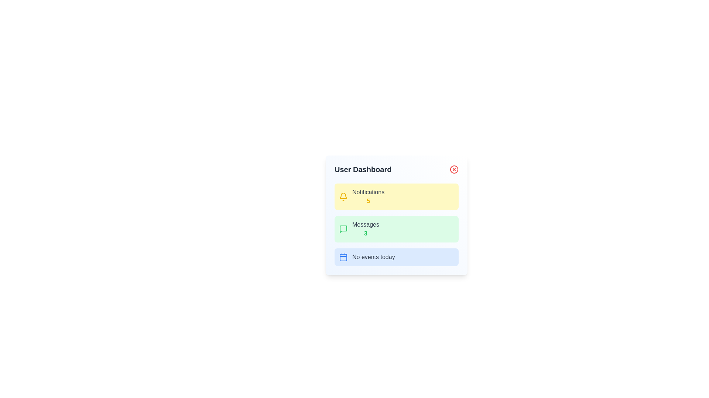 This screenshot has width=709, height=398. Describe the element at coordinates (343, 257) in the screenshot. I see `the light blue rectangle with rounded corners located inside the calendar icon in the 'No events today' section of the 'User Dashboard' module` at that location.